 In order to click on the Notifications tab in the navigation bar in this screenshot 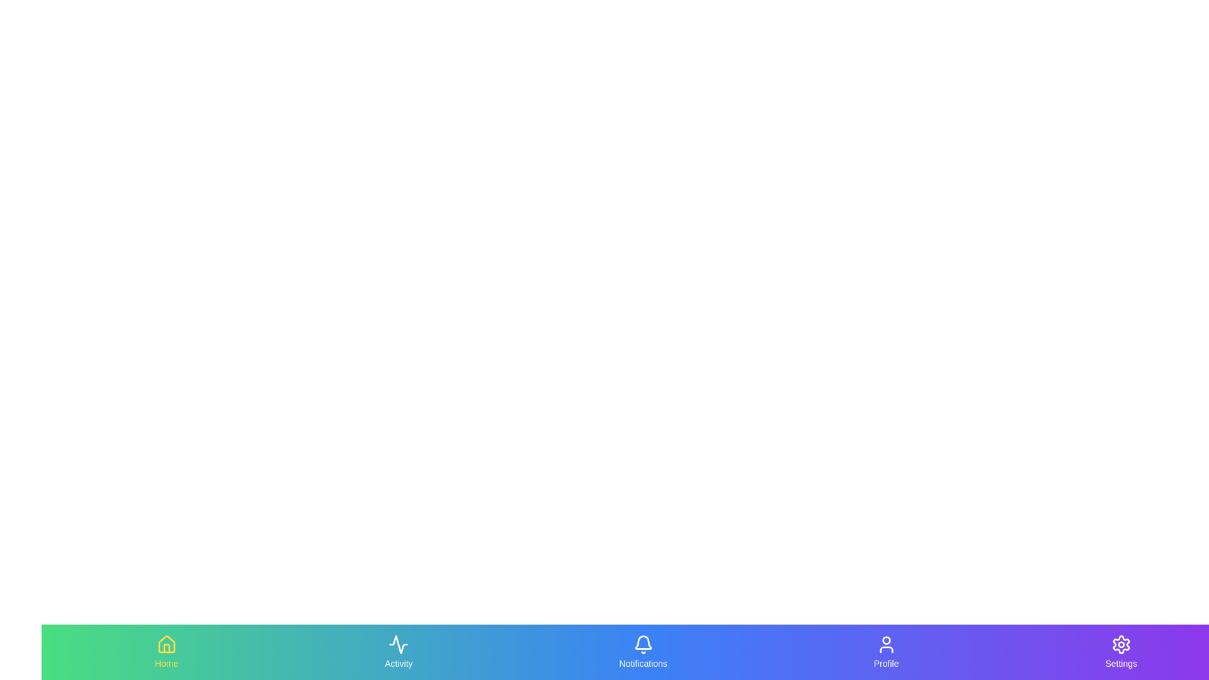, I will do `click(643, 652)`.